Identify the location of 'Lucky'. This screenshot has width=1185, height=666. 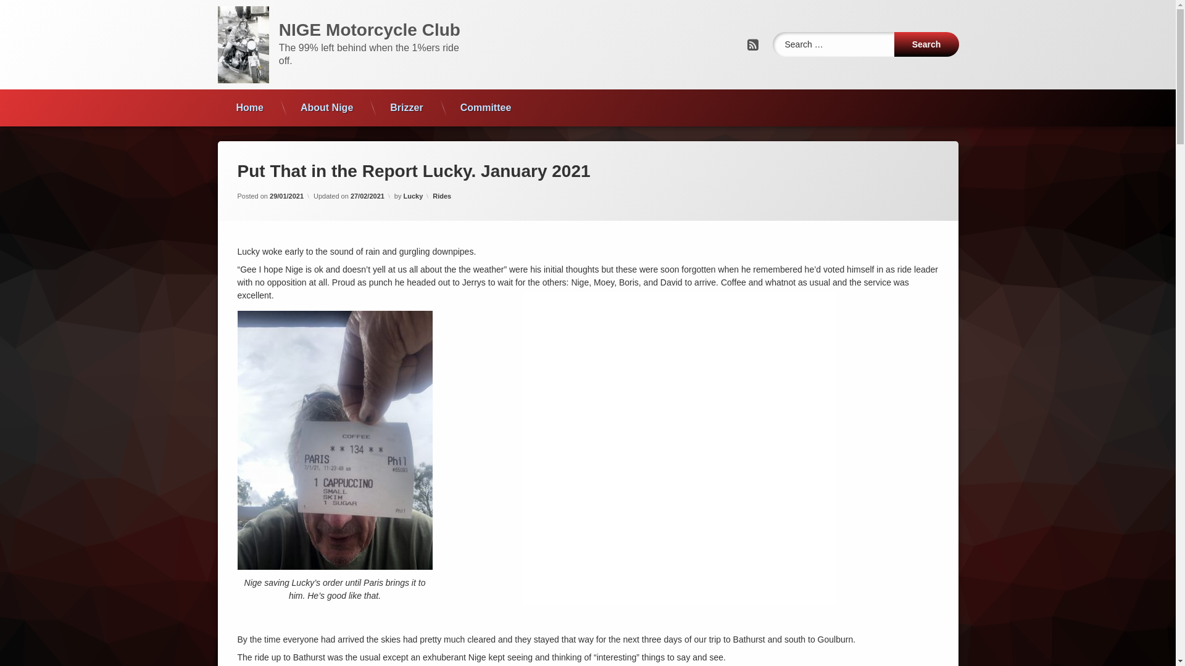
(414, 195).